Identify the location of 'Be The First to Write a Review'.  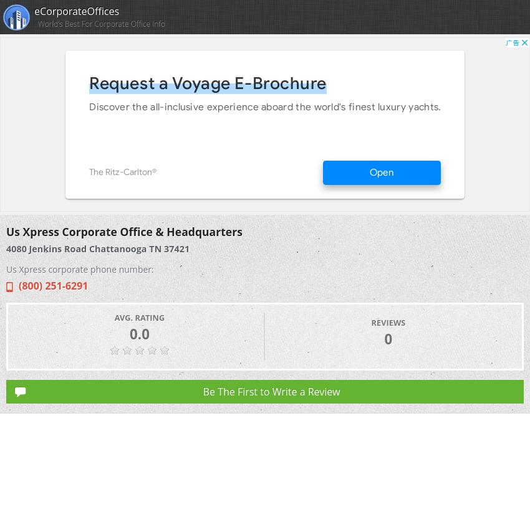
(203, 390).